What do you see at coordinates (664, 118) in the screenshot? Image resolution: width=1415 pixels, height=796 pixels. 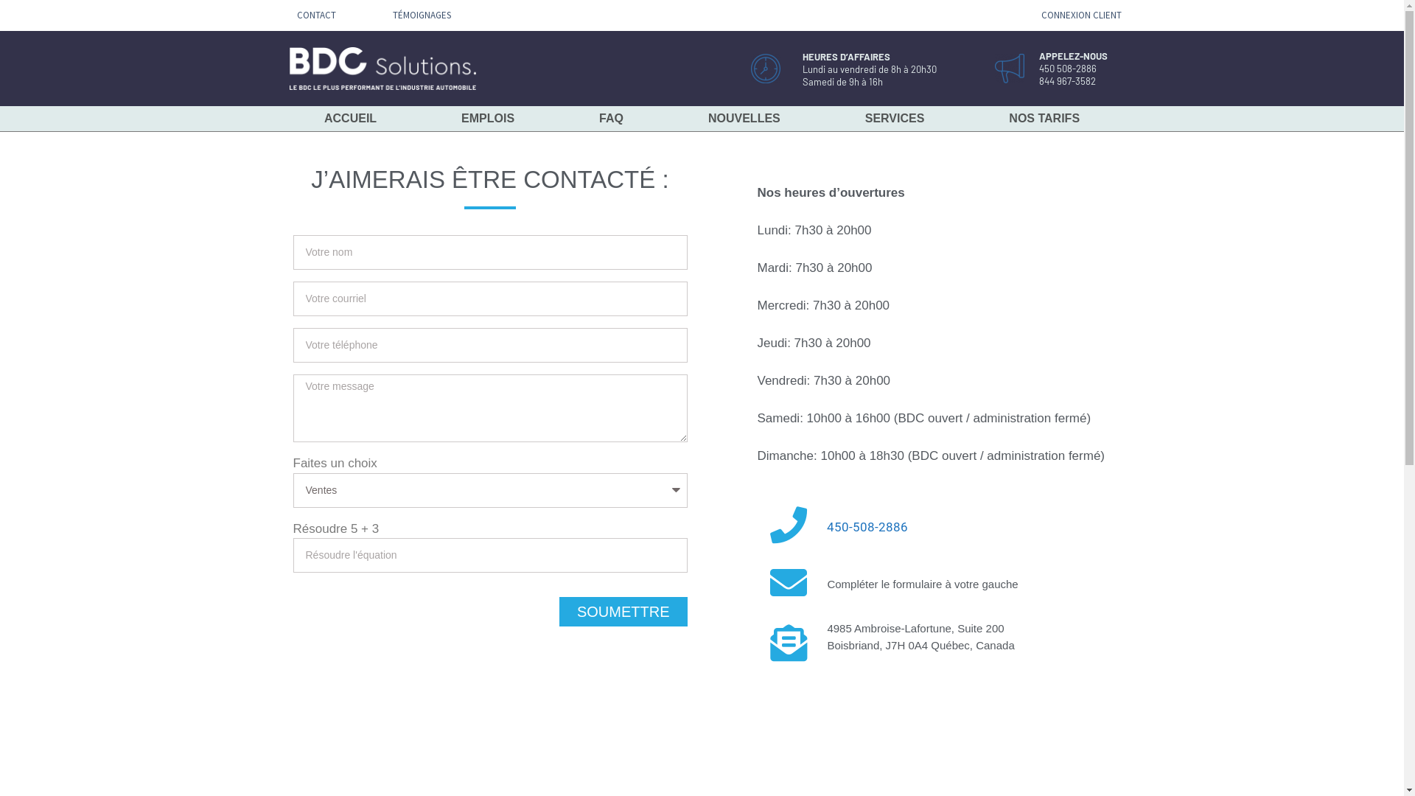 I see `'NOUVELLES'` at bounding box center [664, 118].